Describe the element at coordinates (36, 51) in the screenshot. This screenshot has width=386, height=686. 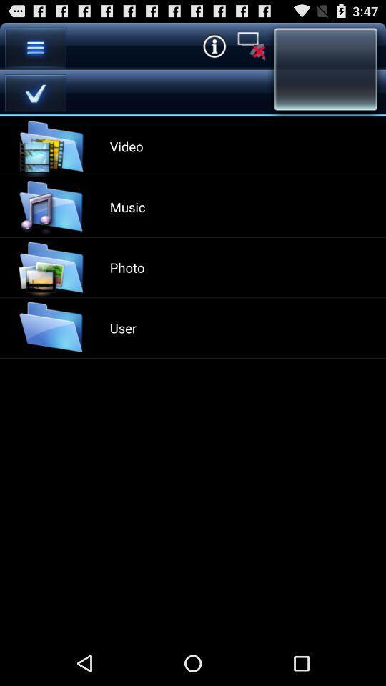
I see `the menu icon` at that location.